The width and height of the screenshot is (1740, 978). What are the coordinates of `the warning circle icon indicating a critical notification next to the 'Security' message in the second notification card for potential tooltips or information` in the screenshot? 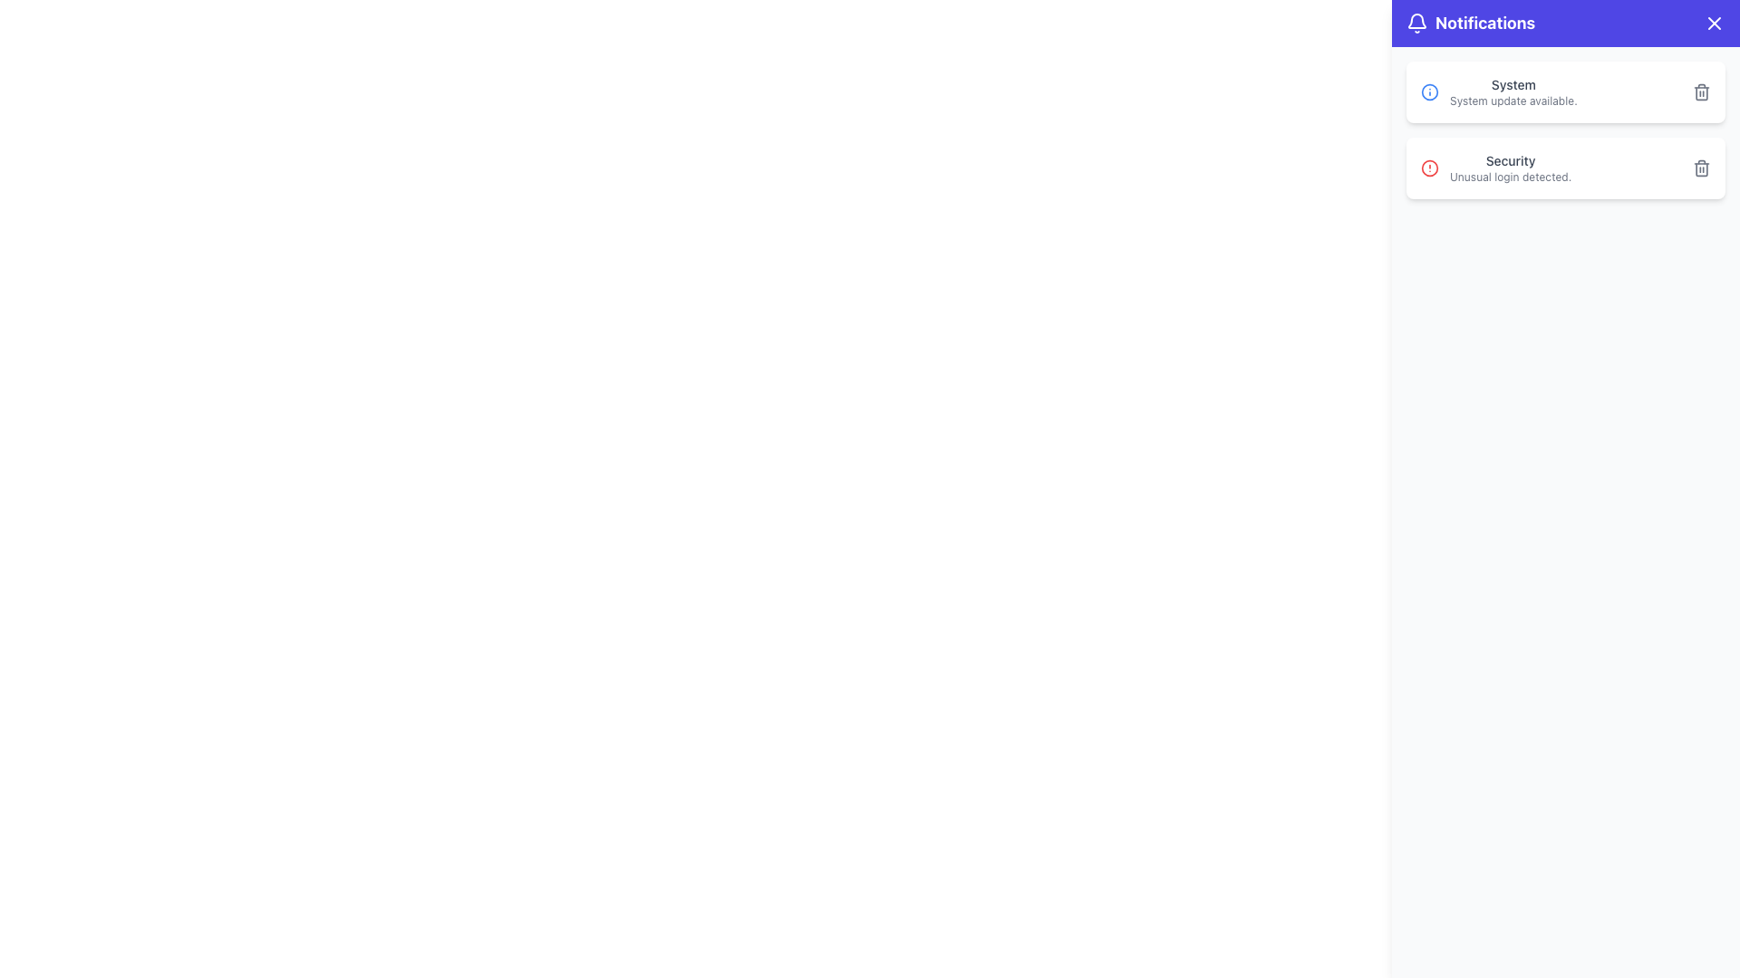 It's located at (1429, 168).